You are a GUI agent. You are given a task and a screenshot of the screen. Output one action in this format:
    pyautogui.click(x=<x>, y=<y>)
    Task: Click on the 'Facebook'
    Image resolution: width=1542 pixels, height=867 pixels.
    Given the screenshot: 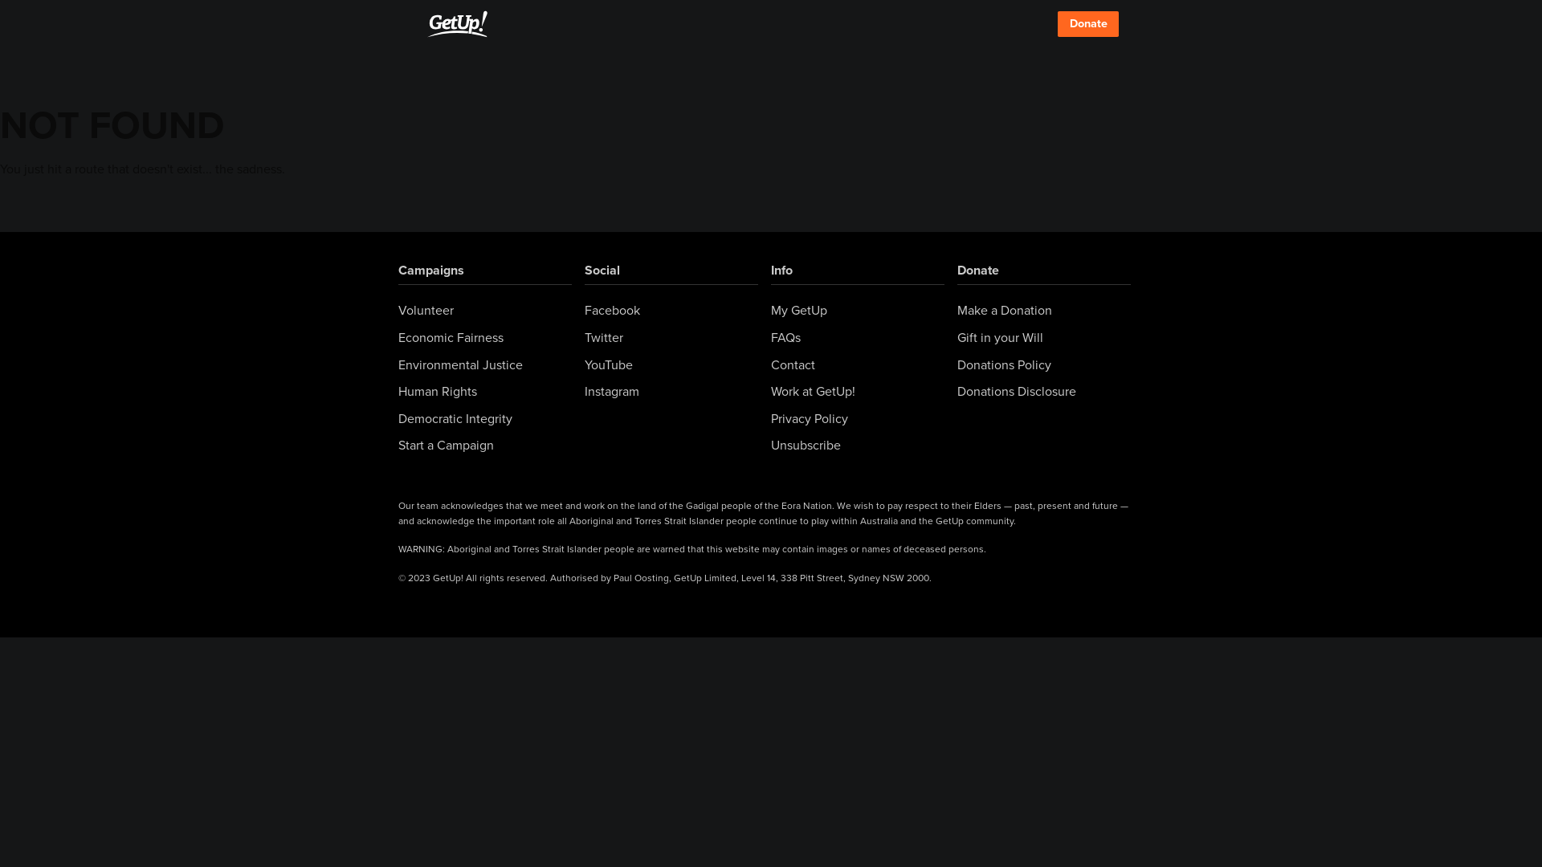 What is the action you would take?
    pyautogui.click(x=611, y=310)
    